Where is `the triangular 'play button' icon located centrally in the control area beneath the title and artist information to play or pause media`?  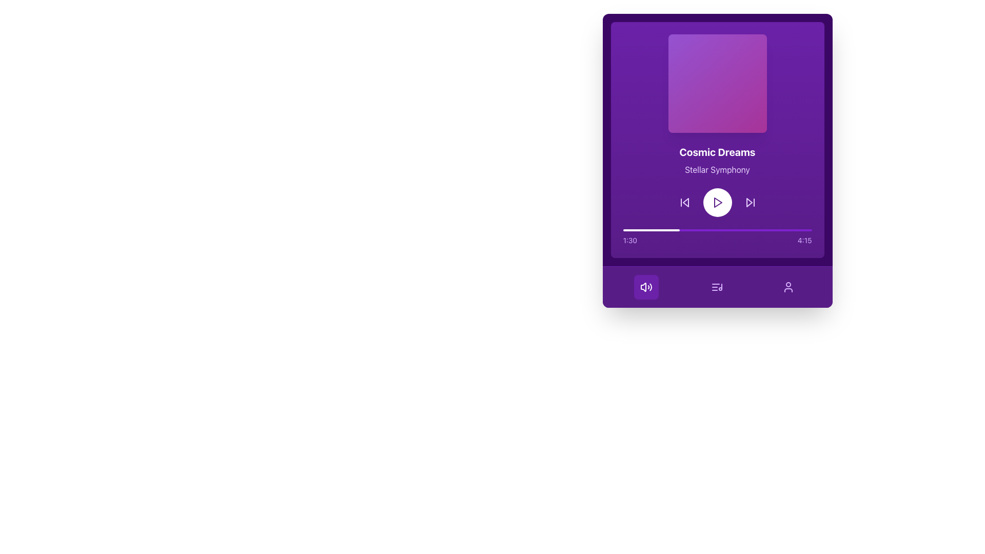
the triangular 'play button' icon located centrally in the control area beneath the title and artist information to play or pause media is located at coordinates (717, 202).